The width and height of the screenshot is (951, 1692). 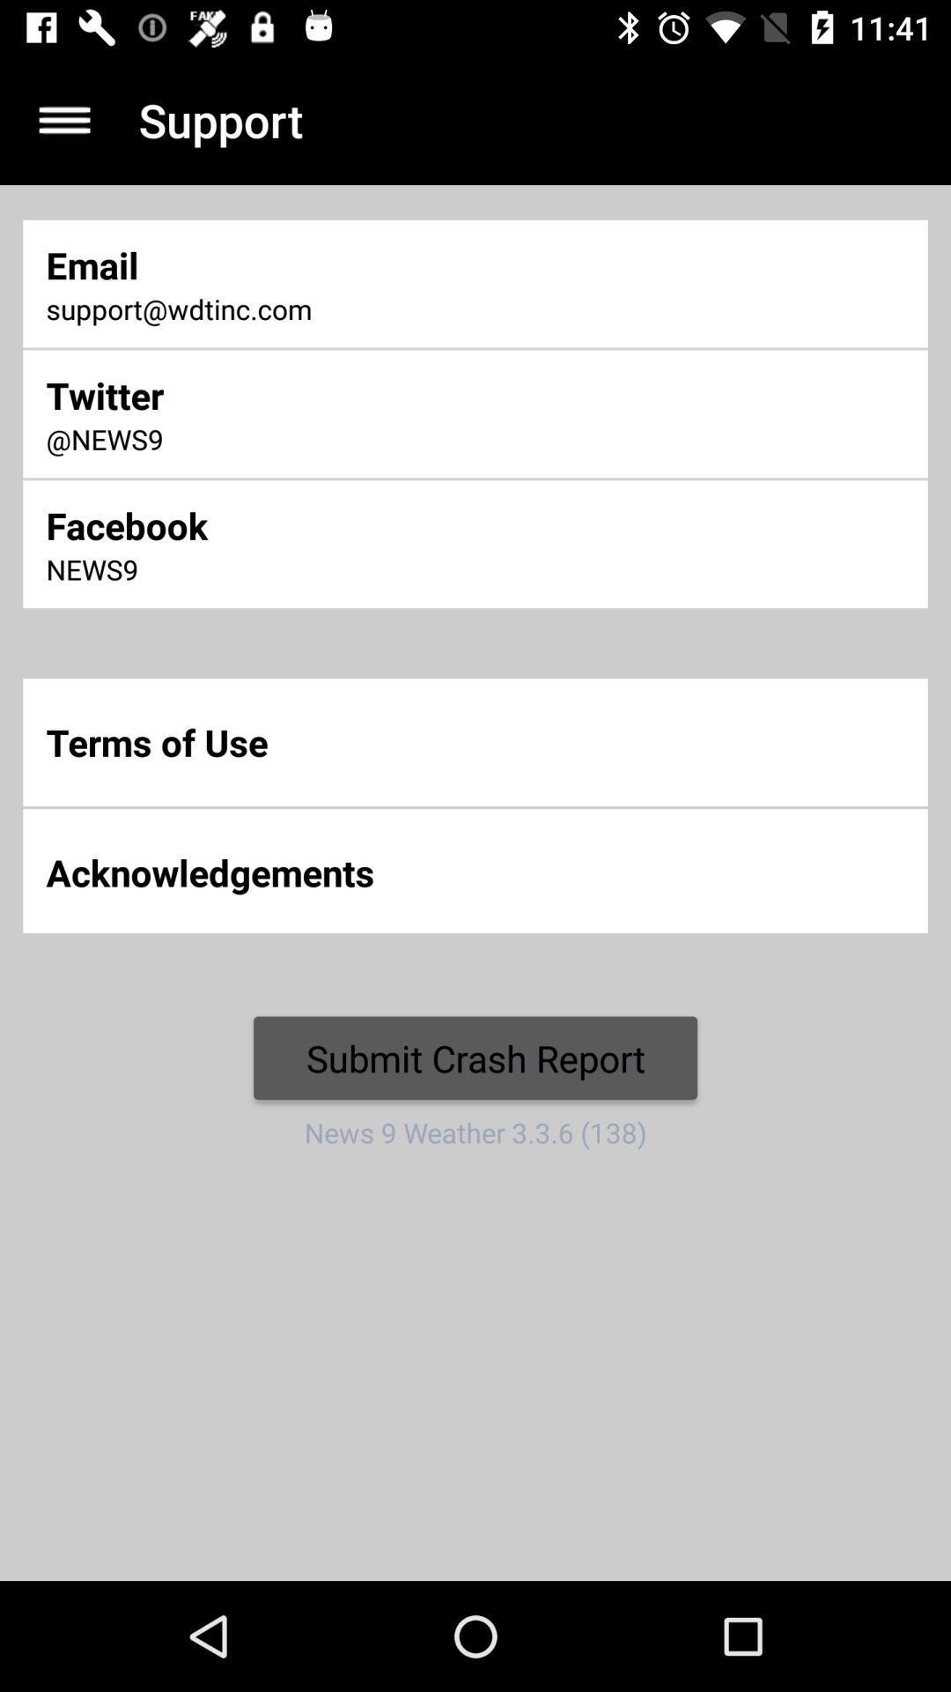 I want to click on the item below @news9, so click(x=315, y=524).